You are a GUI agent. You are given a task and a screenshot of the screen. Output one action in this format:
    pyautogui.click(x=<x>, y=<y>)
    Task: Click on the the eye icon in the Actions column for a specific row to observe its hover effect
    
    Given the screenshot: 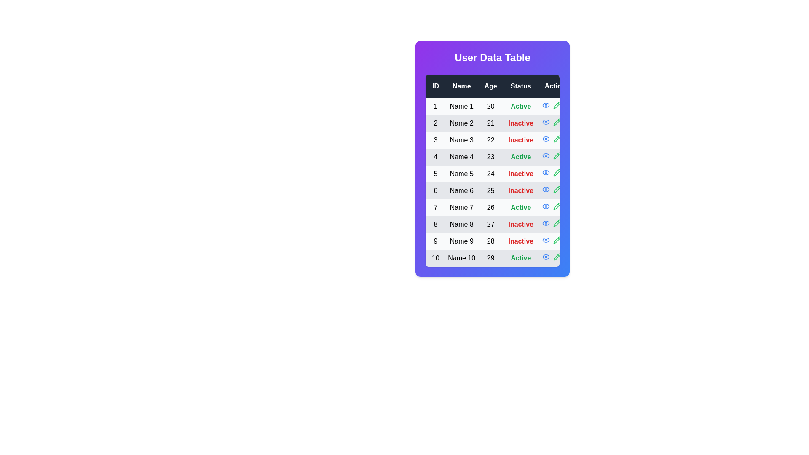 What is the action you would take?
    pyautogui.click(x=546, y=105)
    